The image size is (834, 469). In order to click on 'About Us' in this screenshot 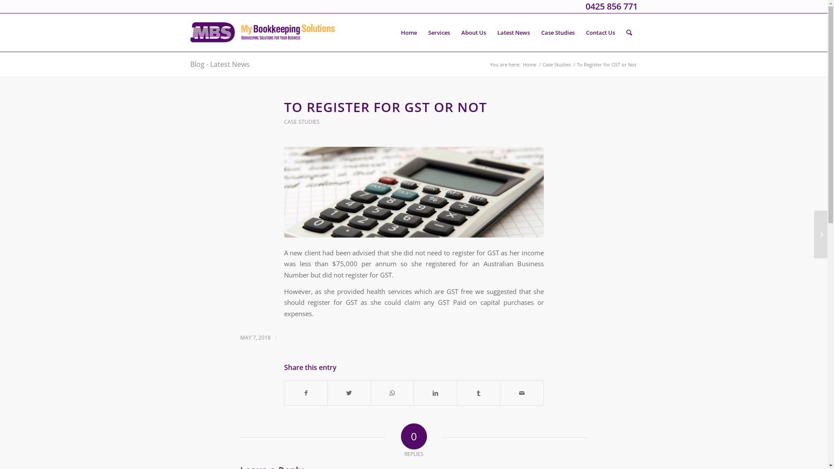, I will do `click(473, 32)`.